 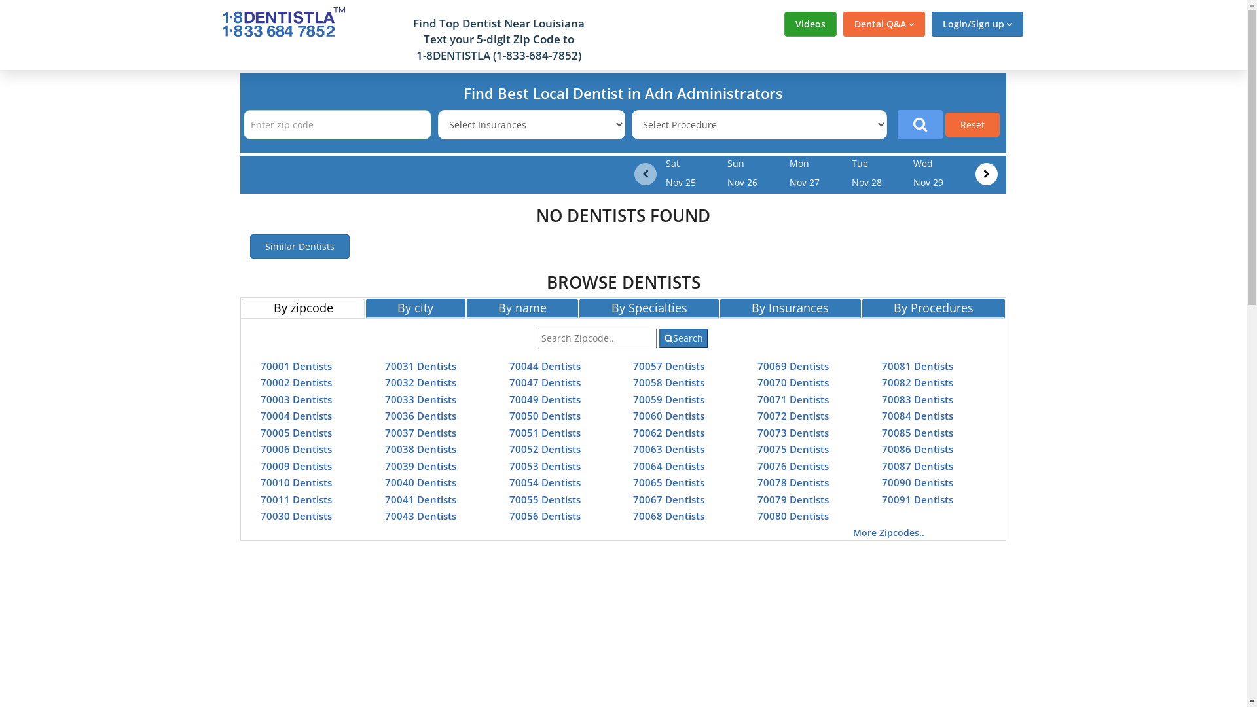 I want to click on '70082 Dentists', so click(x=917, y=382).